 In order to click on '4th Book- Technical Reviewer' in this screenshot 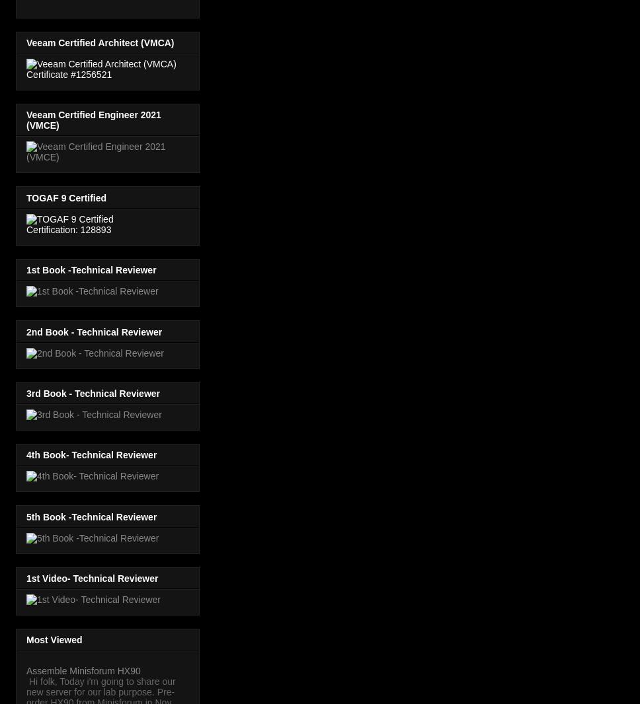, I will do `click(91, 454)`.